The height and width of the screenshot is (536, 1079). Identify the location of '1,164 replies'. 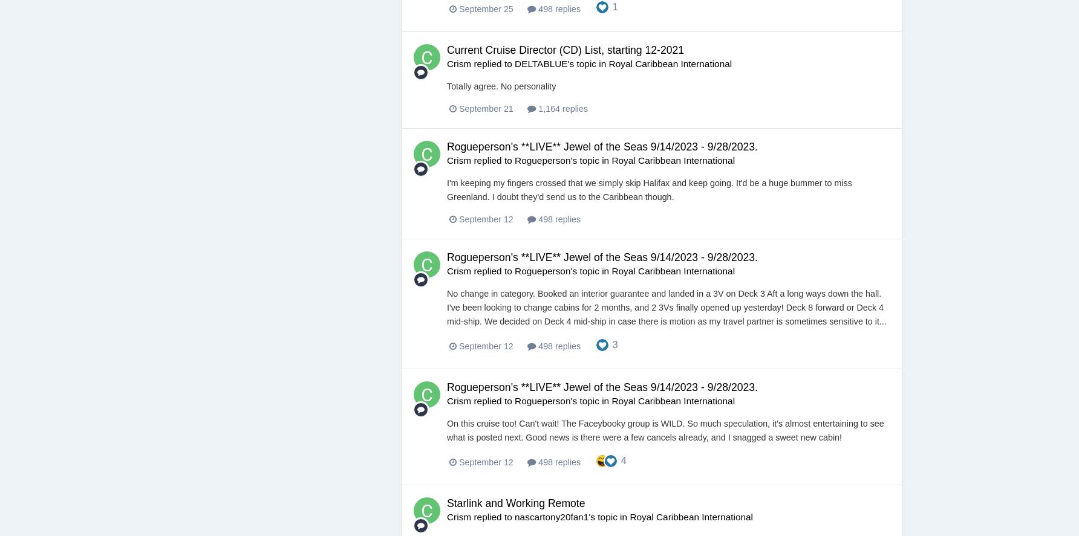
(535, 107).